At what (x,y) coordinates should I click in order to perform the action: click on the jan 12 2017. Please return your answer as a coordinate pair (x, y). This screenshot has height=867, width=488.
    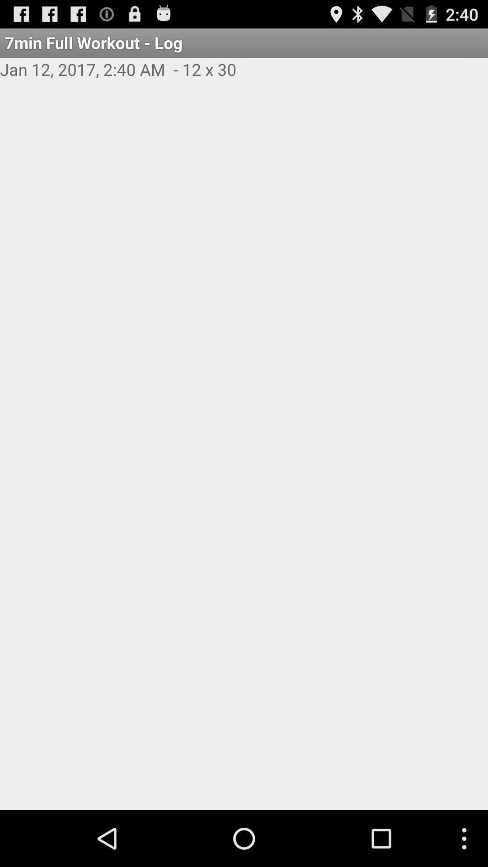
    Looking at the image, I should click on (244, 79).